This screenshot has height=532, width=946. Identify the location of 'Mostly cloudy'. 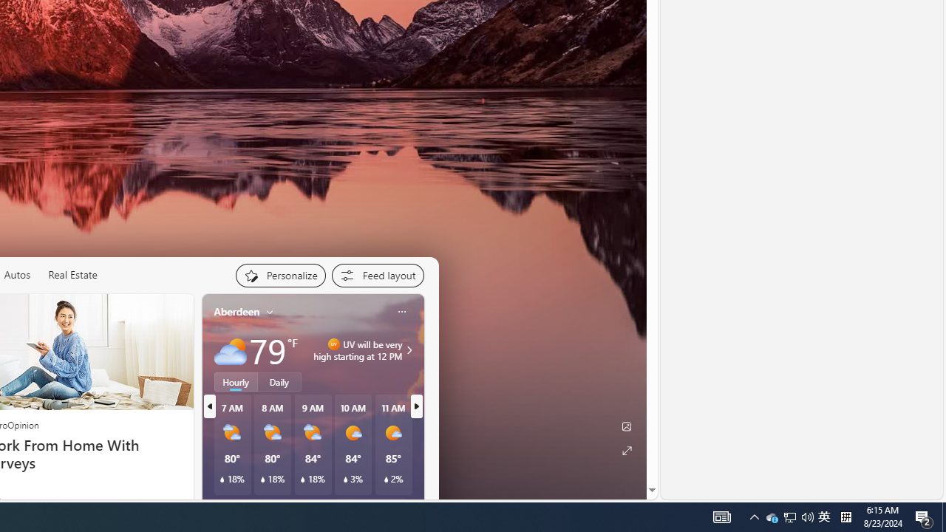
(229, 350).